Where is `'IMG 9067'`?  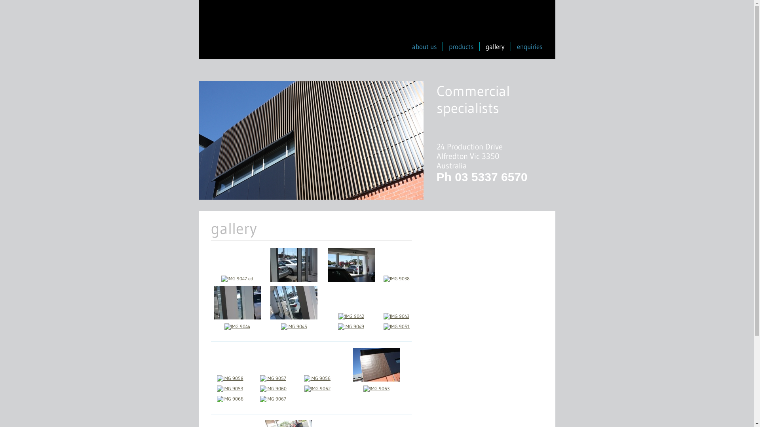 'IMG 9067' is located at coordinates (273, 399).